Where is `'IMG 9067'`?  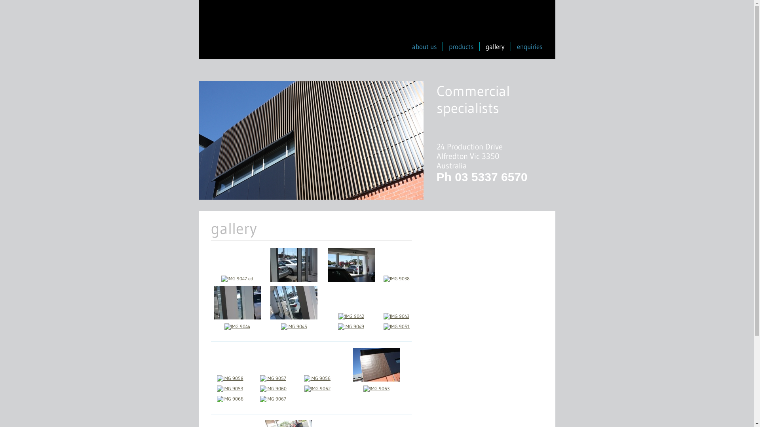 'IMG 9067' is located at coordinates (273, 399).